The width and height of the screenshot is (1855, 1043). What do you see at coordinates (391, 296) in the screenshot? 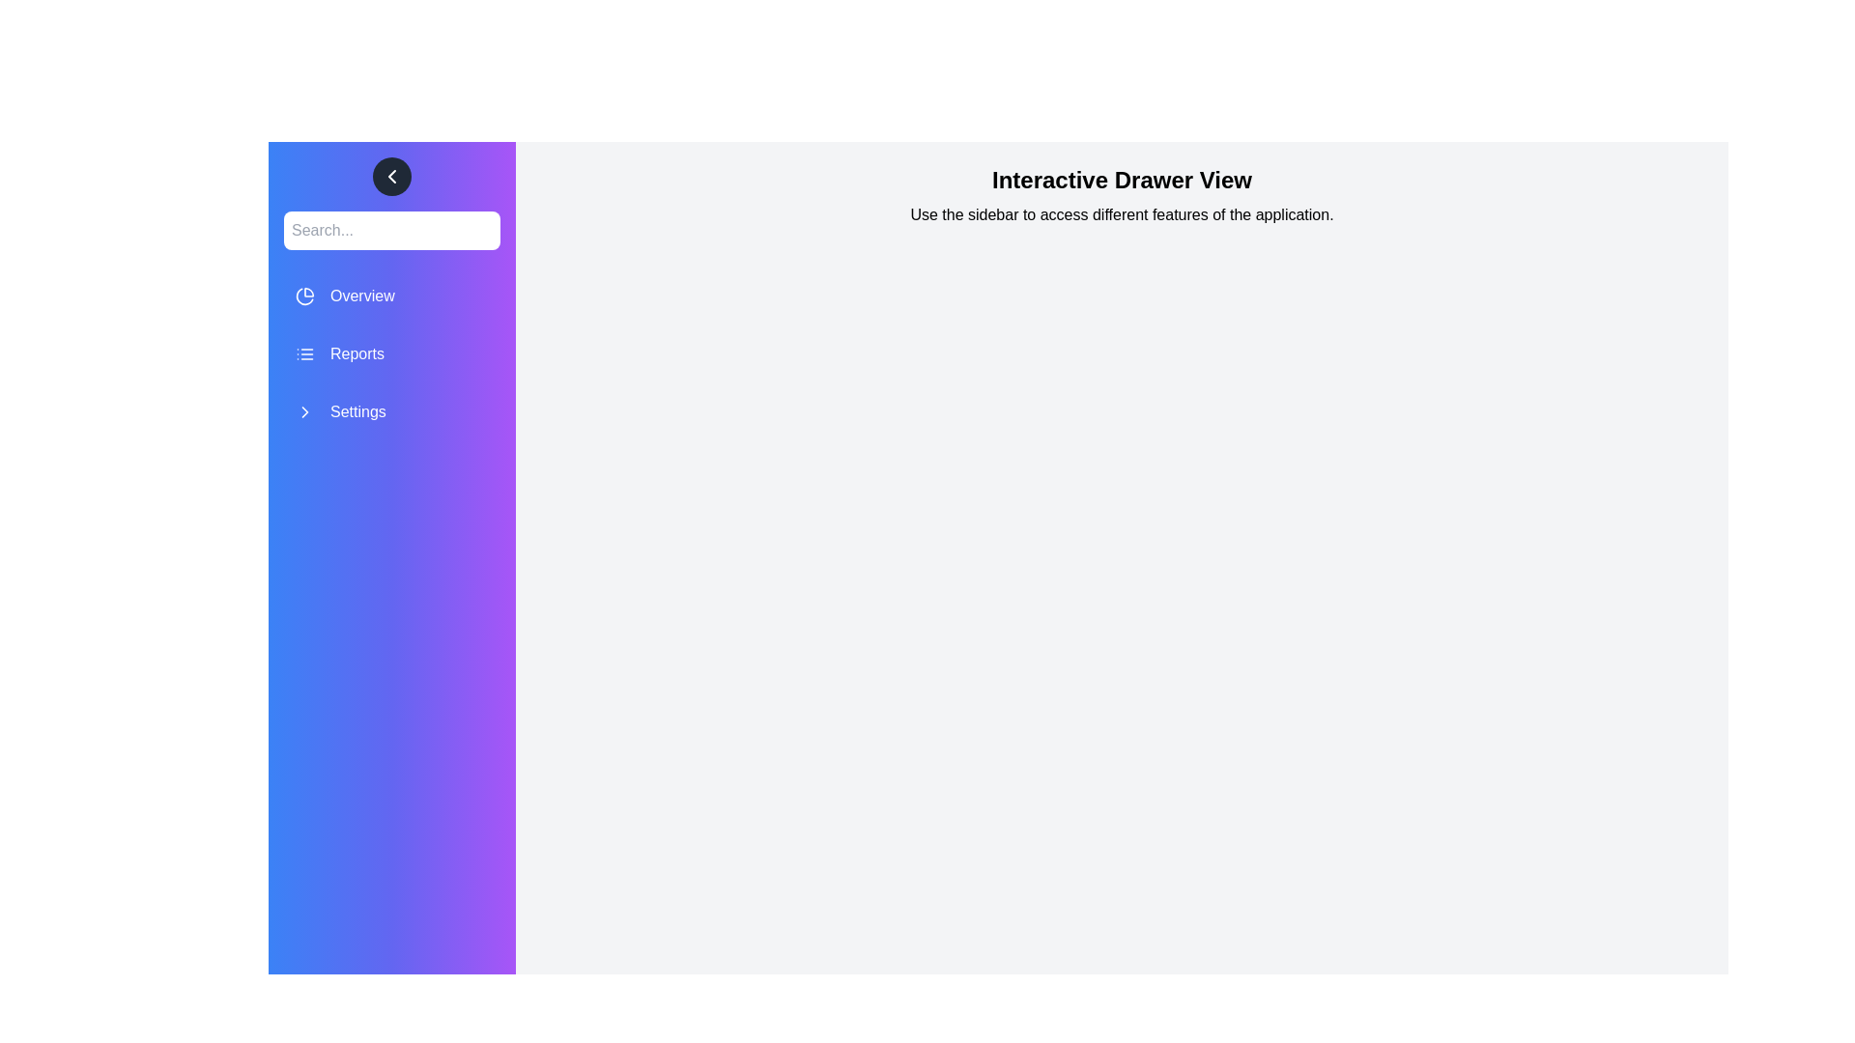
I see `the menu item Overview to navigate to the respective section` at bounding box center [391, 296].